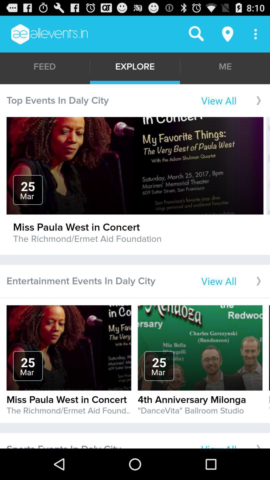  What do you see at coordinates (135, 66) in the screenshot?
I see `explore  left next to  me` at bounding box center [135, 66].